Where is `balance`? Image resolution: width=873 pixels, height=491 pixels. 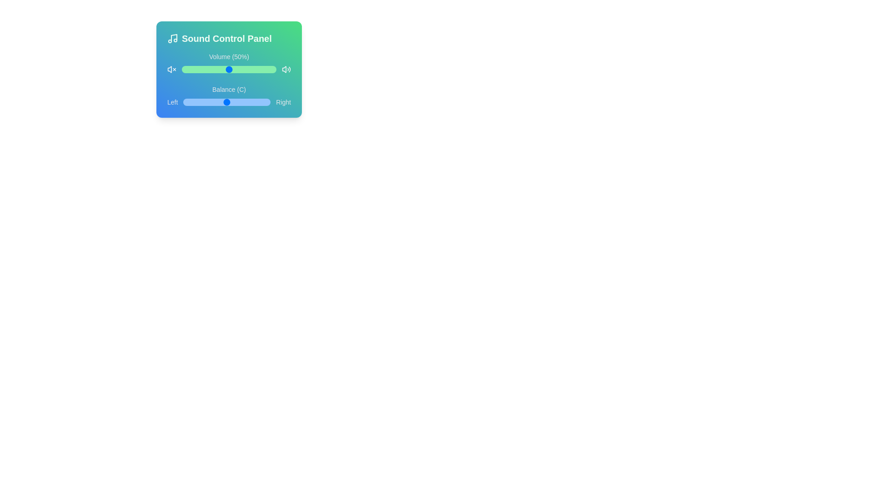
balance is located at coordinates (224, 102).